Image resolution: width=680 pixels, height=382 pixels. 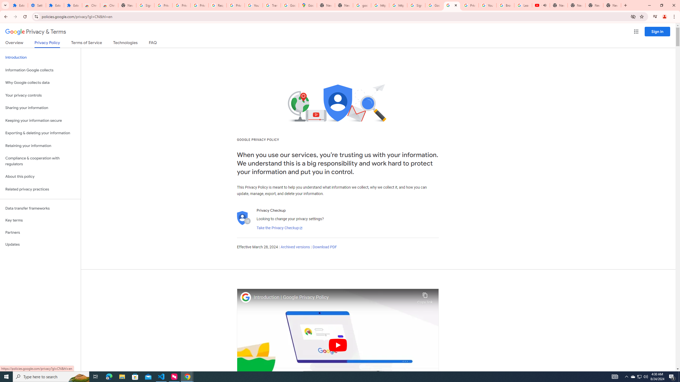 I want to click on 'New Tab', so click(x=612, y=5).